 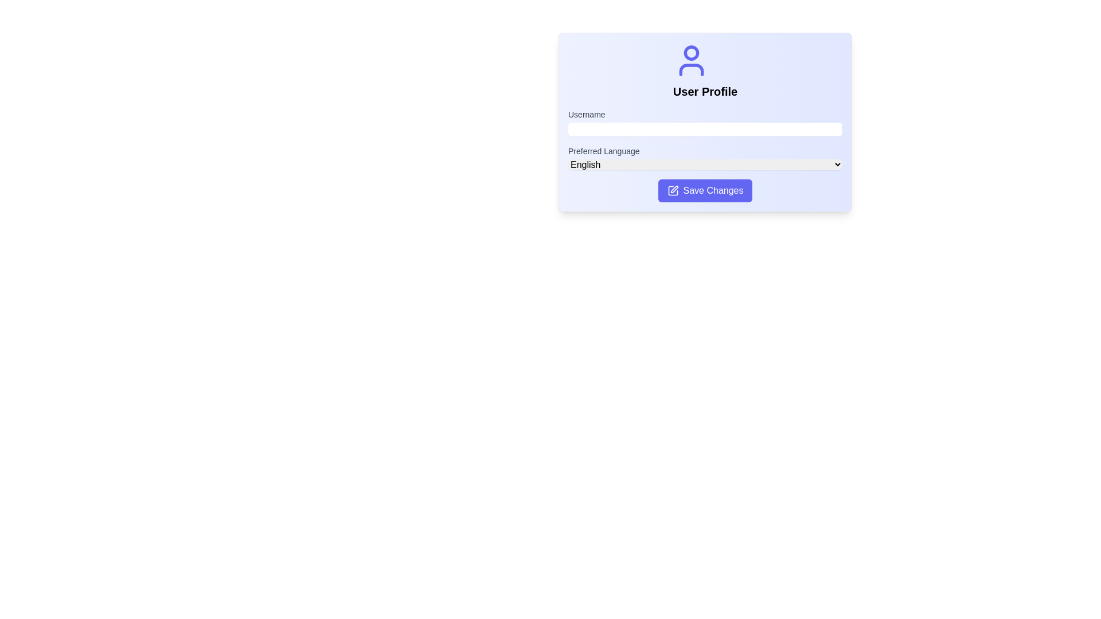 I want to click on the 'Save Changes' button, which is a rectangular button with a purple background and white text, located in the bottom center of the 'User Profile' section, so click(x=704, y=190).